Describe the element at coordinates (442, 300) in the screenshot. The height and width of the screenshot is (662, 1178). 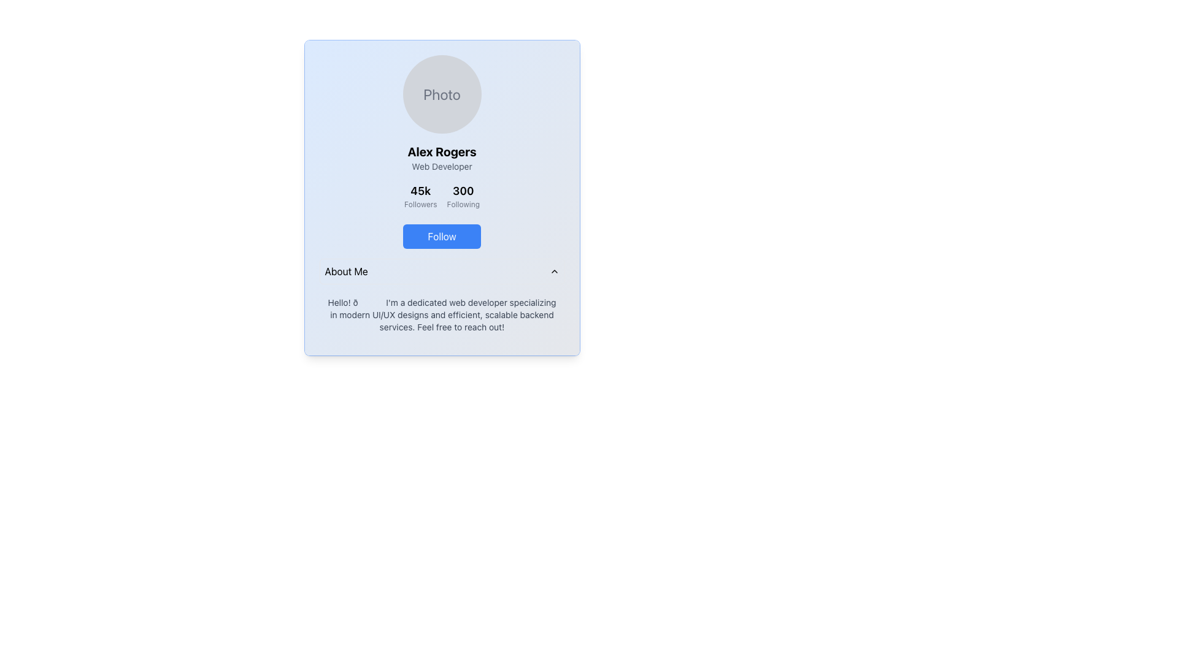
I see `the interactive parts of the Informational Section, which is located at the bottom of the profile card, just below the 'Follow' button` at that location.